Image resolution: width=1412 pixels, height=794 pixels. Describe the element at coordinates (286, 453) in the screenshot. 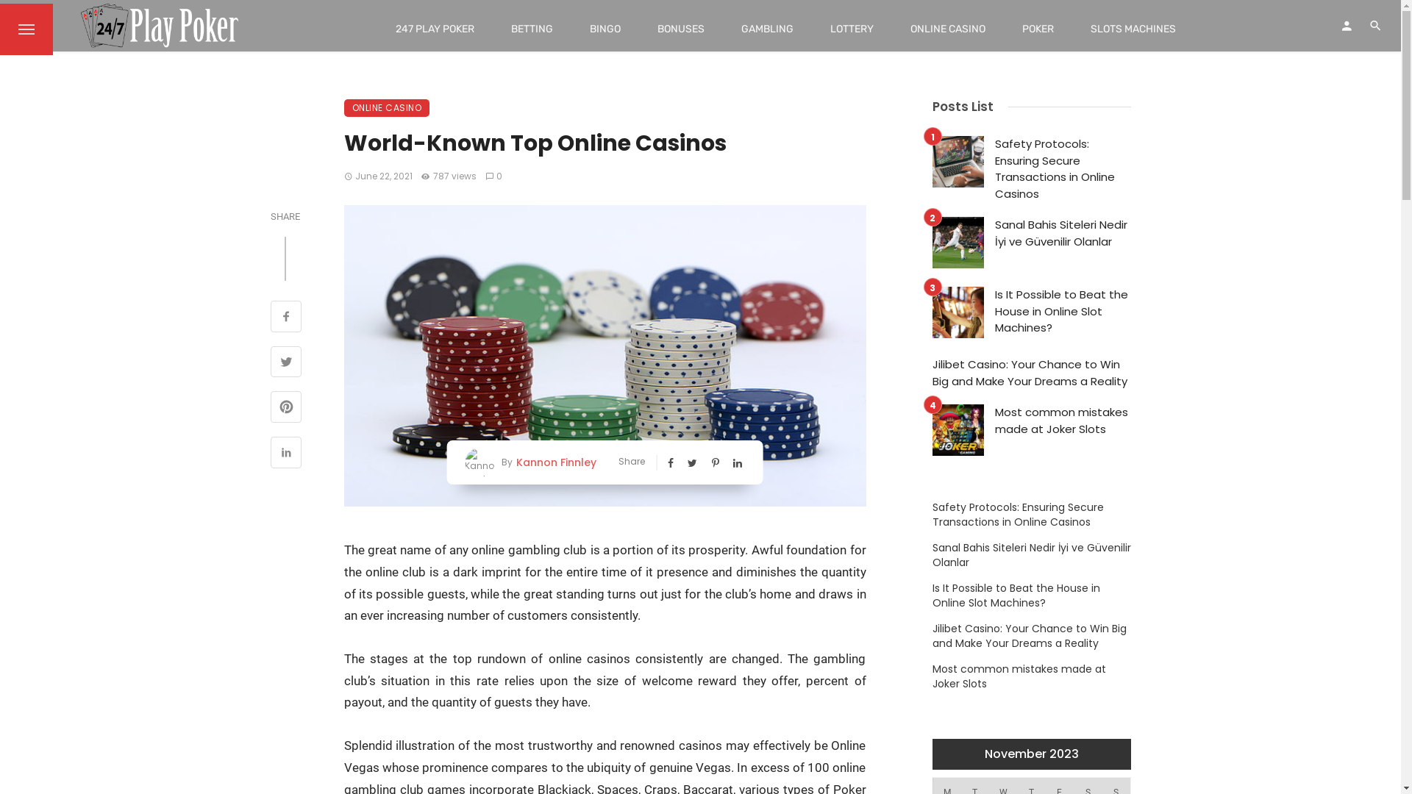

I see `'Share on Linkedin'` at that location.